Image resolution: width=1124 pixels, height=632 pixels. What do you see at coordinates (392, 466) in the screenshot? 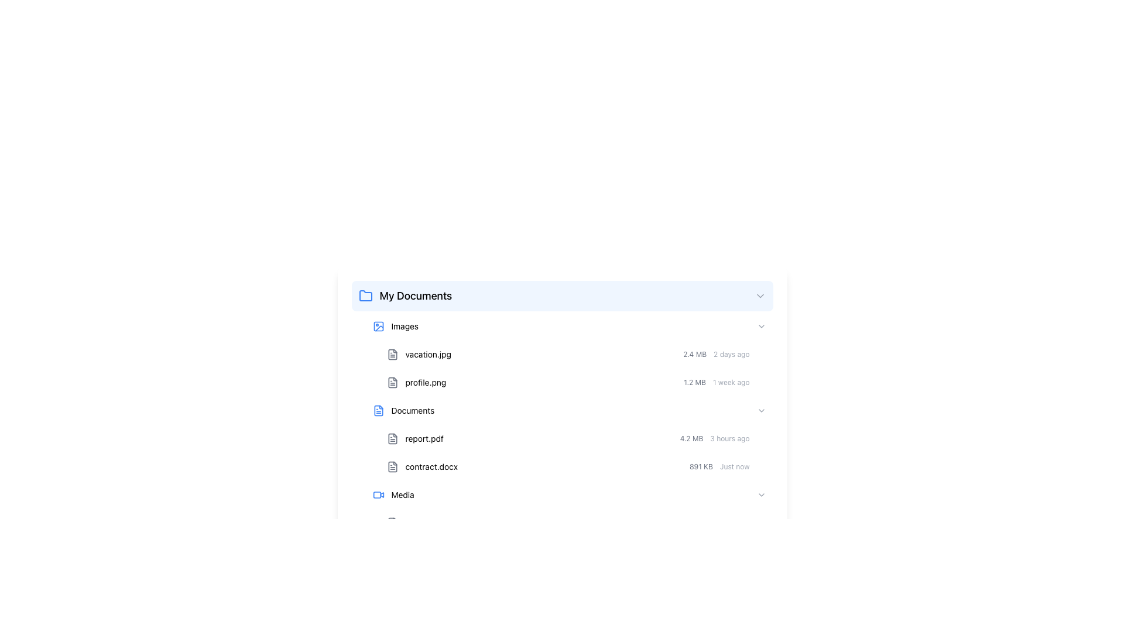
I see `the document icon, a small grayscale rectangle with a folded corner, located to the left of the text 'contract.docx'` at bounding box center [392, 466].